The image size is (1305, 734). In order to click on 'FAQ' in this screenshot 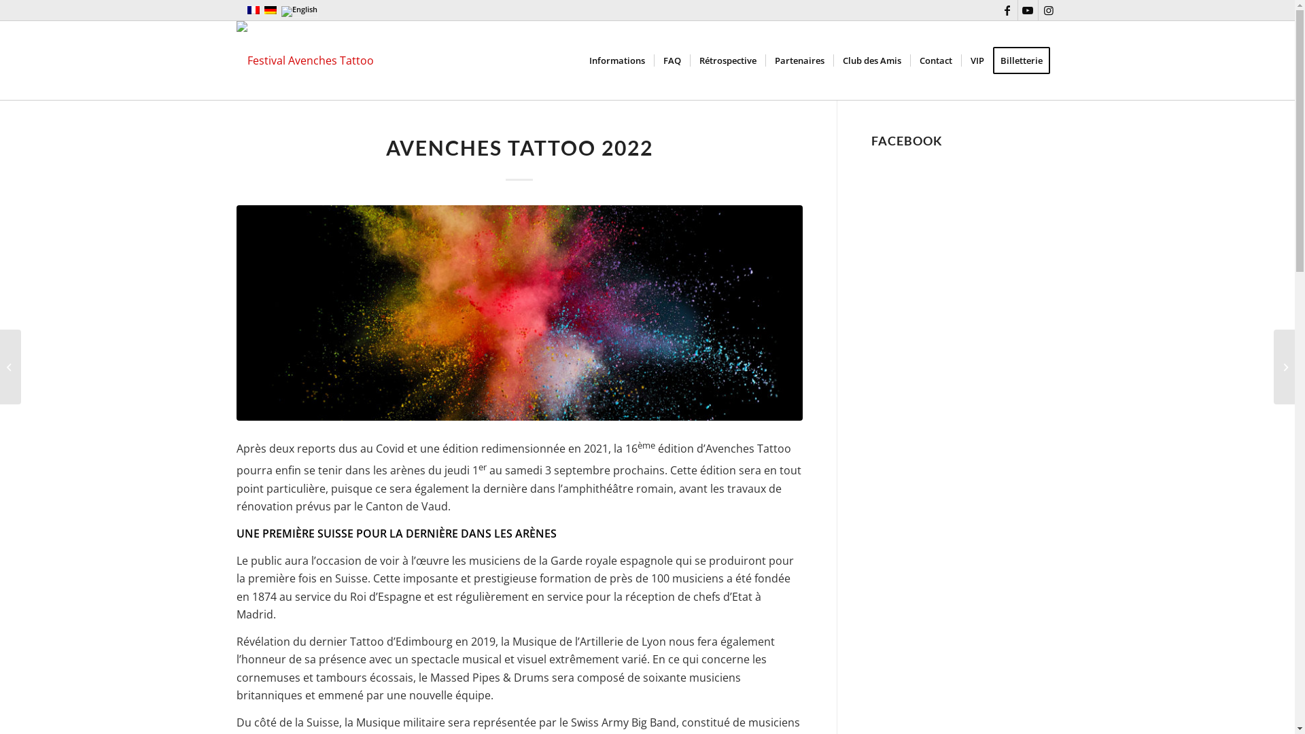, I will do `click(653, 59)`.